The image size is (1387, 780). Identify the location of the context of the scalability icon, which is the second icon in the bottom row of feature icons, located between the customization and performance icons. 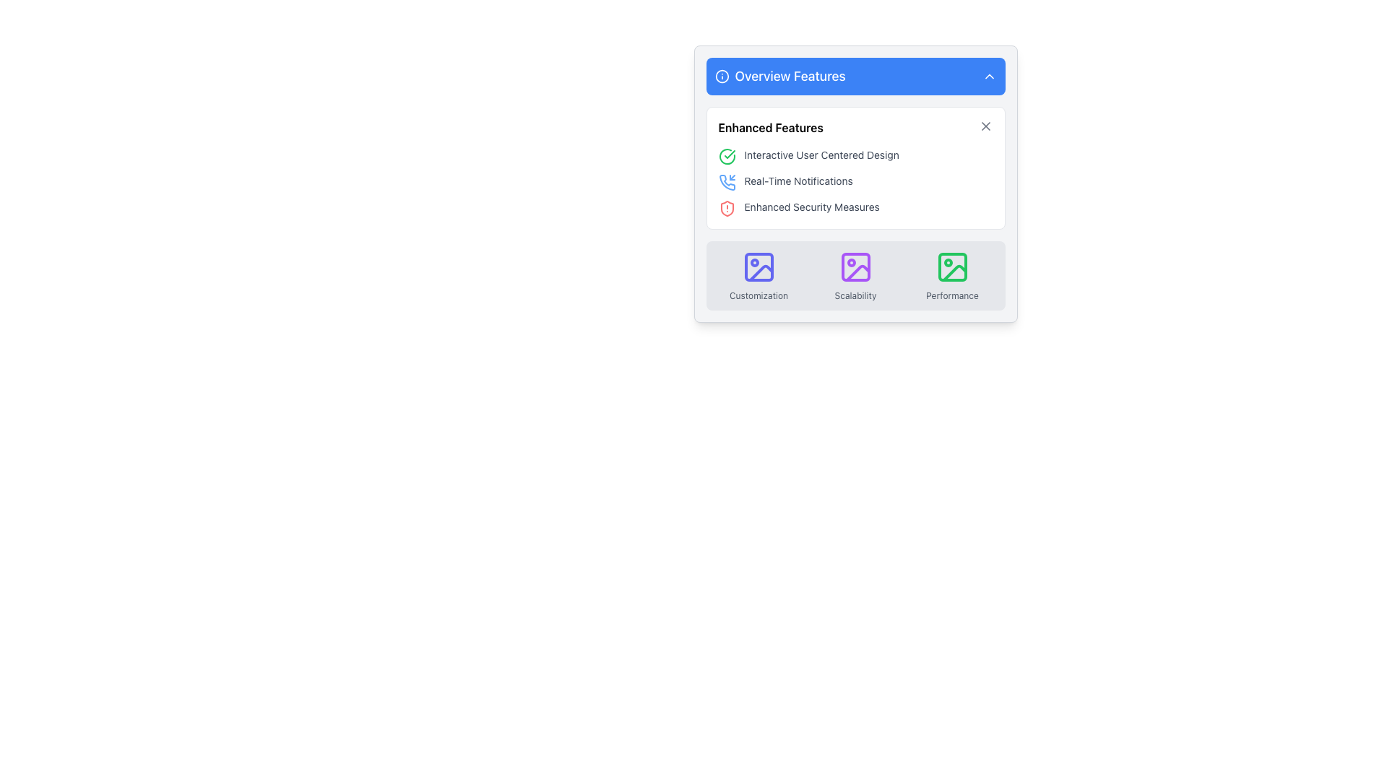
(857, 273).